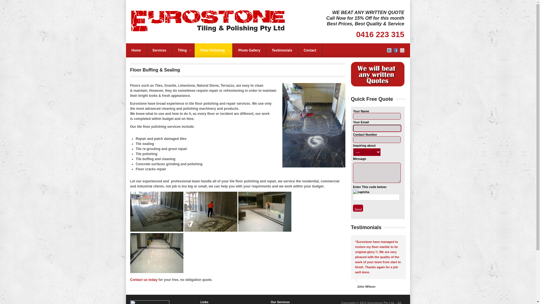 The image size is (540, 304). What do you see at coordinates (136, 50) in the screenshot?
I see `'Home'` at bounding box center [136, 50].